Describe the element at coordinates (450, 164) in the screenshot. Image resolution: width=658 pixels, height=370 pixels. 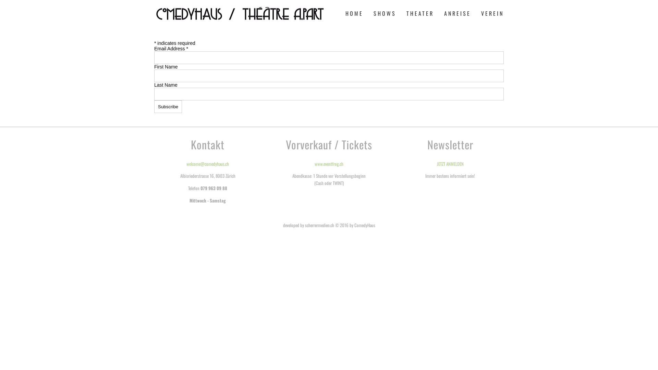
I see `'JETZT ANMELDEN'` at that location.